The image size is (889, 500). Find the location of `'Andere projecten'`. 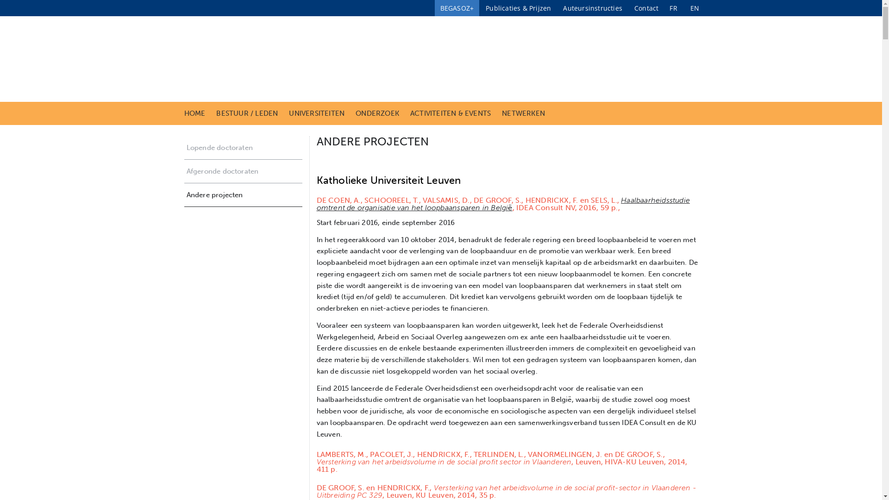

'Andere projecten' is located at coordinates (243, 194).